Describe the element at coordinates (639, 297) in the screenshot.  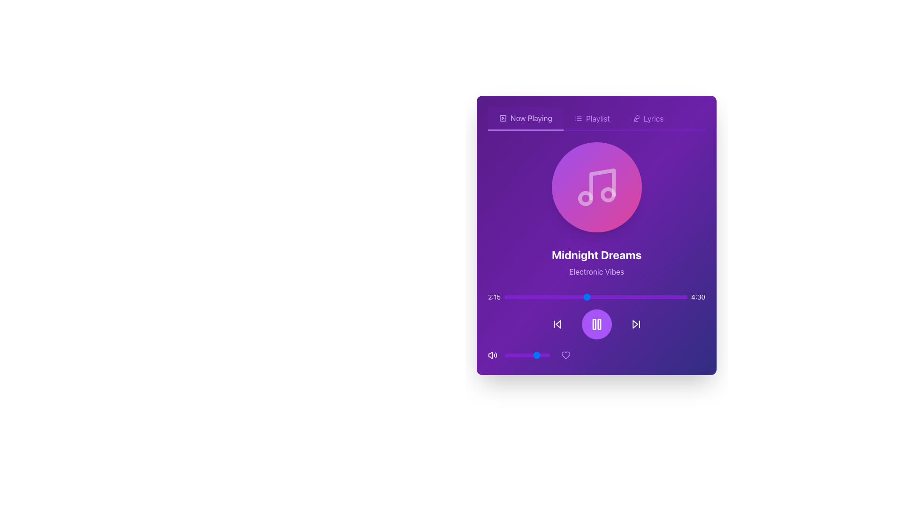
I see `the slider` at that location.